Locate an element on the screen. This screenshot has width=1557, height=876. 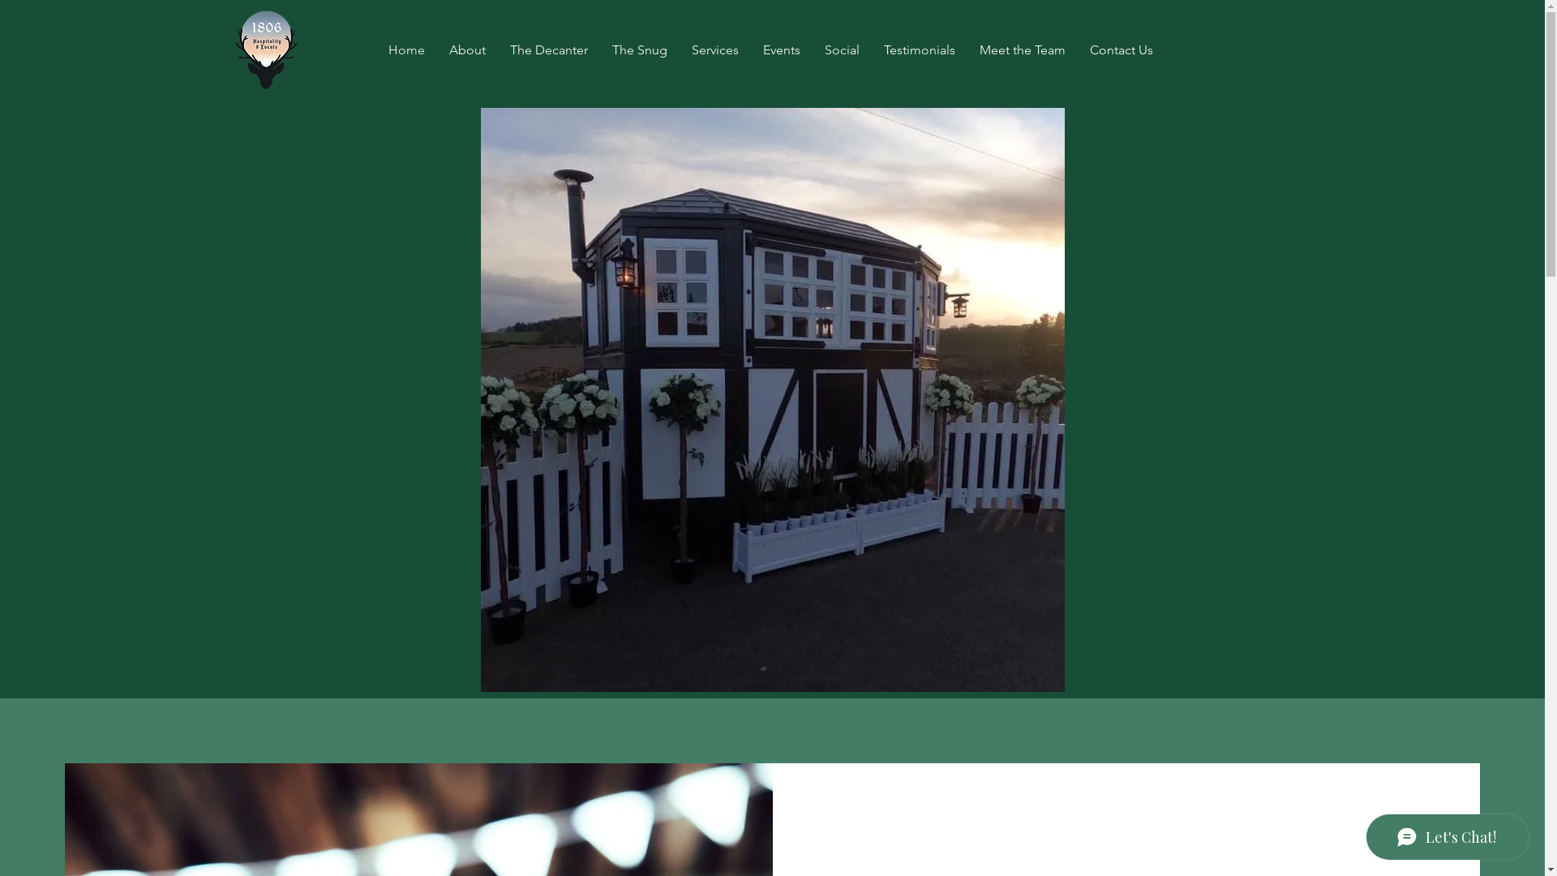
'Services' is located at coordinates (714, 49).